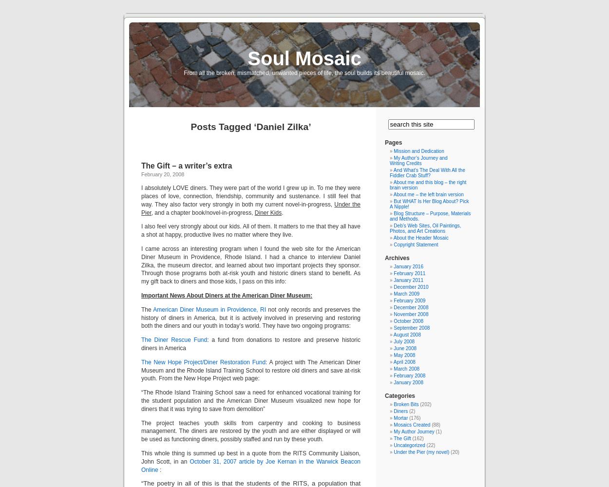  What do you see at coordinates (203, 361) in the screenshot?
I see `'The New Hope Project/Diner Restoration Fund'` at bounding box center [203, 361].